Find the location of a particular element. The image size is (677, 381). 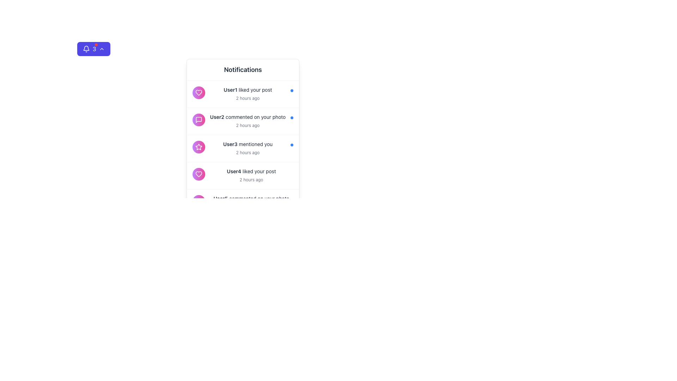

the 'like' notification icon located to the left of the text 'User1 liked your post' in the first notification row is located at coordinates (199, 92).